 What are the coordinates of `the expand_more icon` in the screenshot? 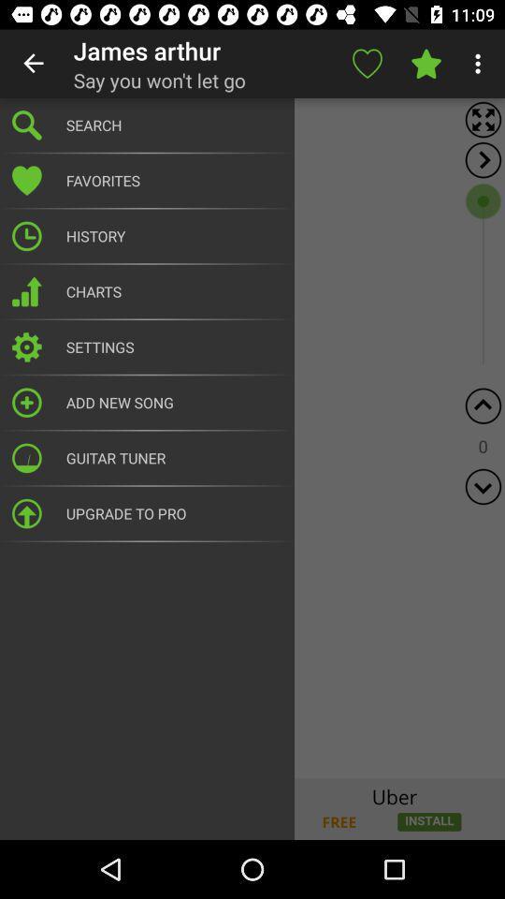 It's located at (483, 485).